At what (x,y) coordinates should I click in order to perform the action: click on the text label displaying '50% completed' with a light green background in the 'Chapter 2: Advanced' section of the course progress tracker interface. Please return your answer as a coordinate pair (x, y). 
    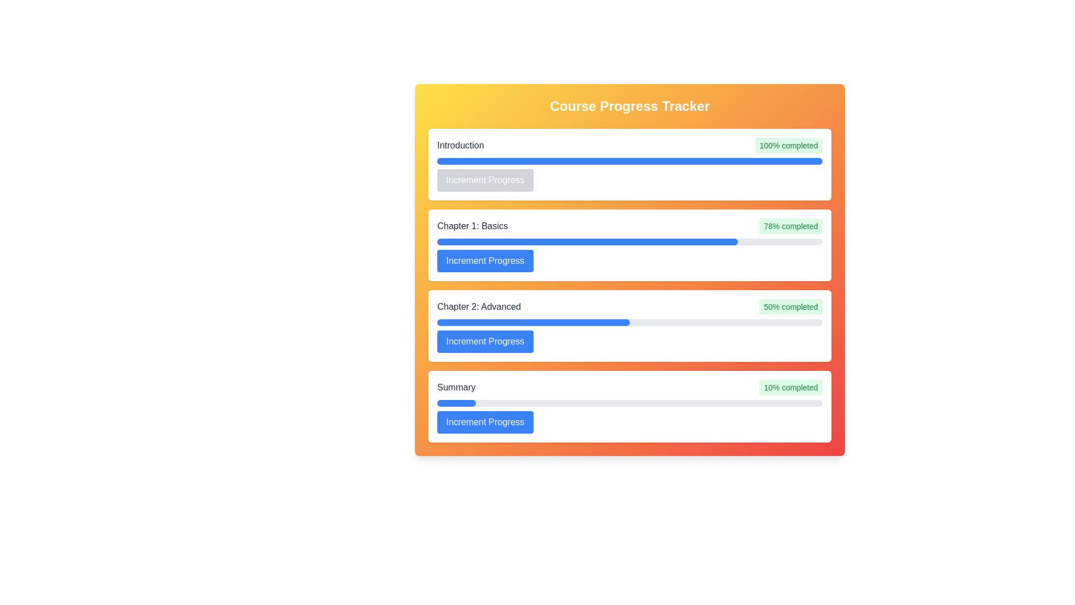
    Looking at the image, I should click on (790, 306).